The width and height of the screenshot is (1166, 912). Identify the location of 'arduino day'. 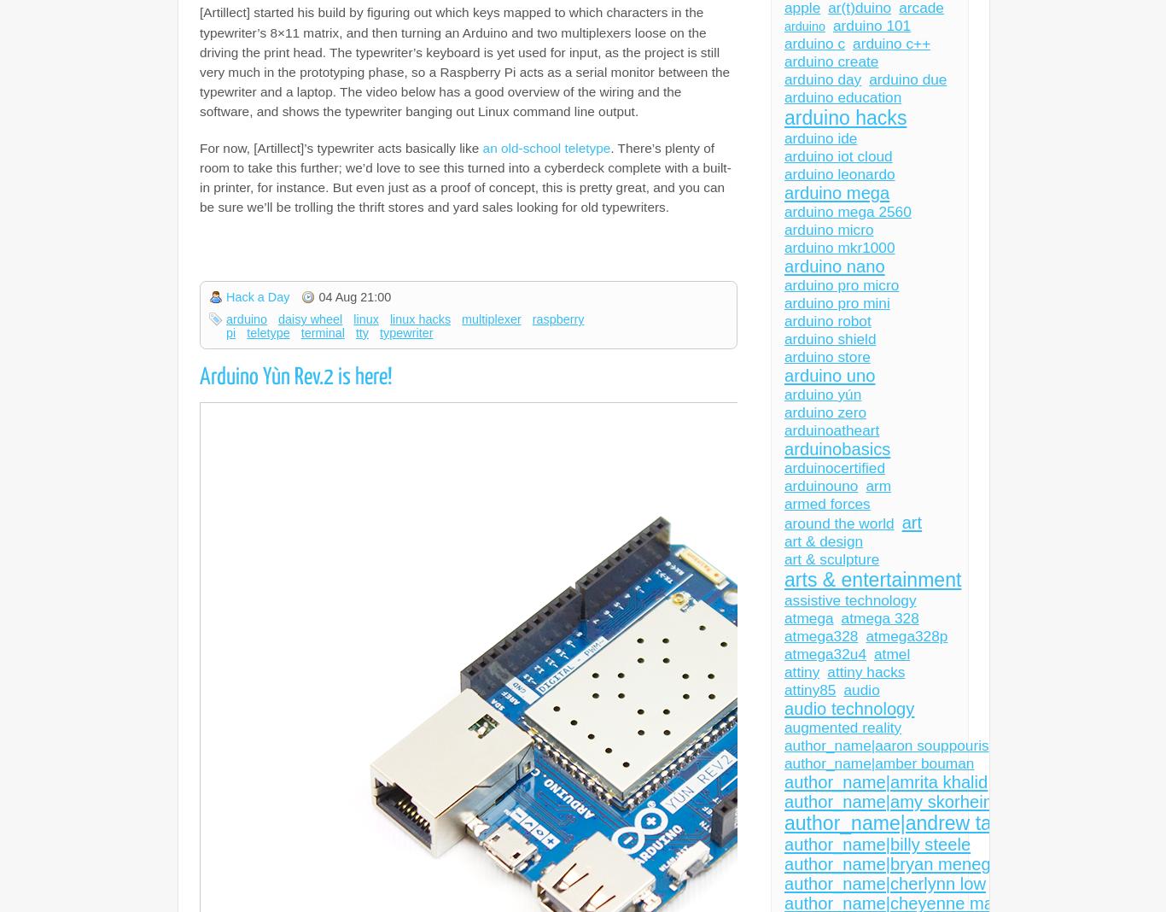
(822, 79).